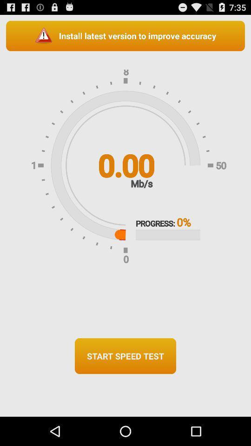 The width and height of the screenshot is (251, 446). I want to click on the start speed test icon, so click(125, 355).